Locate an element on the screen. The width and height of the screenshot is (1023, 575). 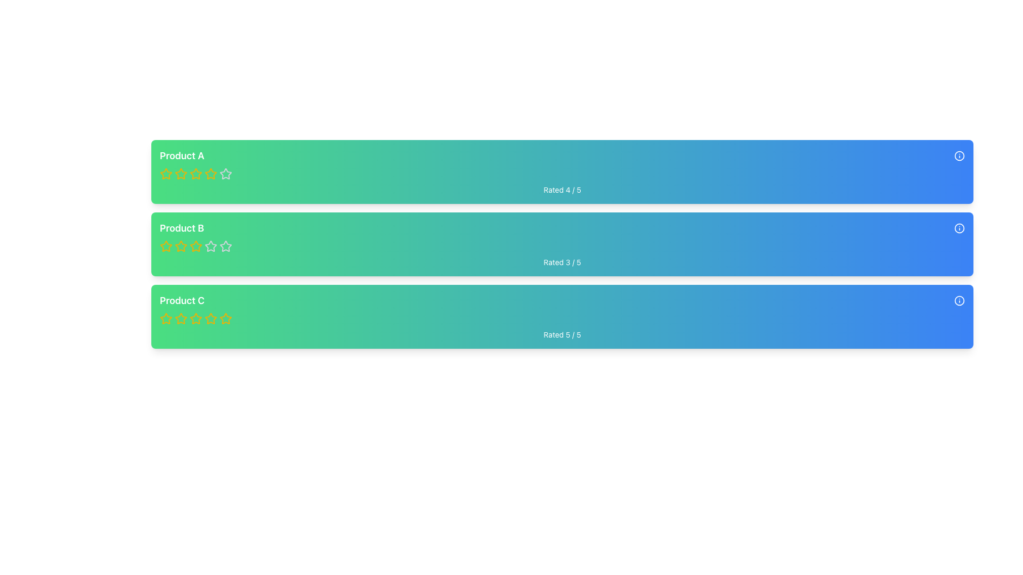
the second rating star icon for Product B is located at coordinates (181, 246).